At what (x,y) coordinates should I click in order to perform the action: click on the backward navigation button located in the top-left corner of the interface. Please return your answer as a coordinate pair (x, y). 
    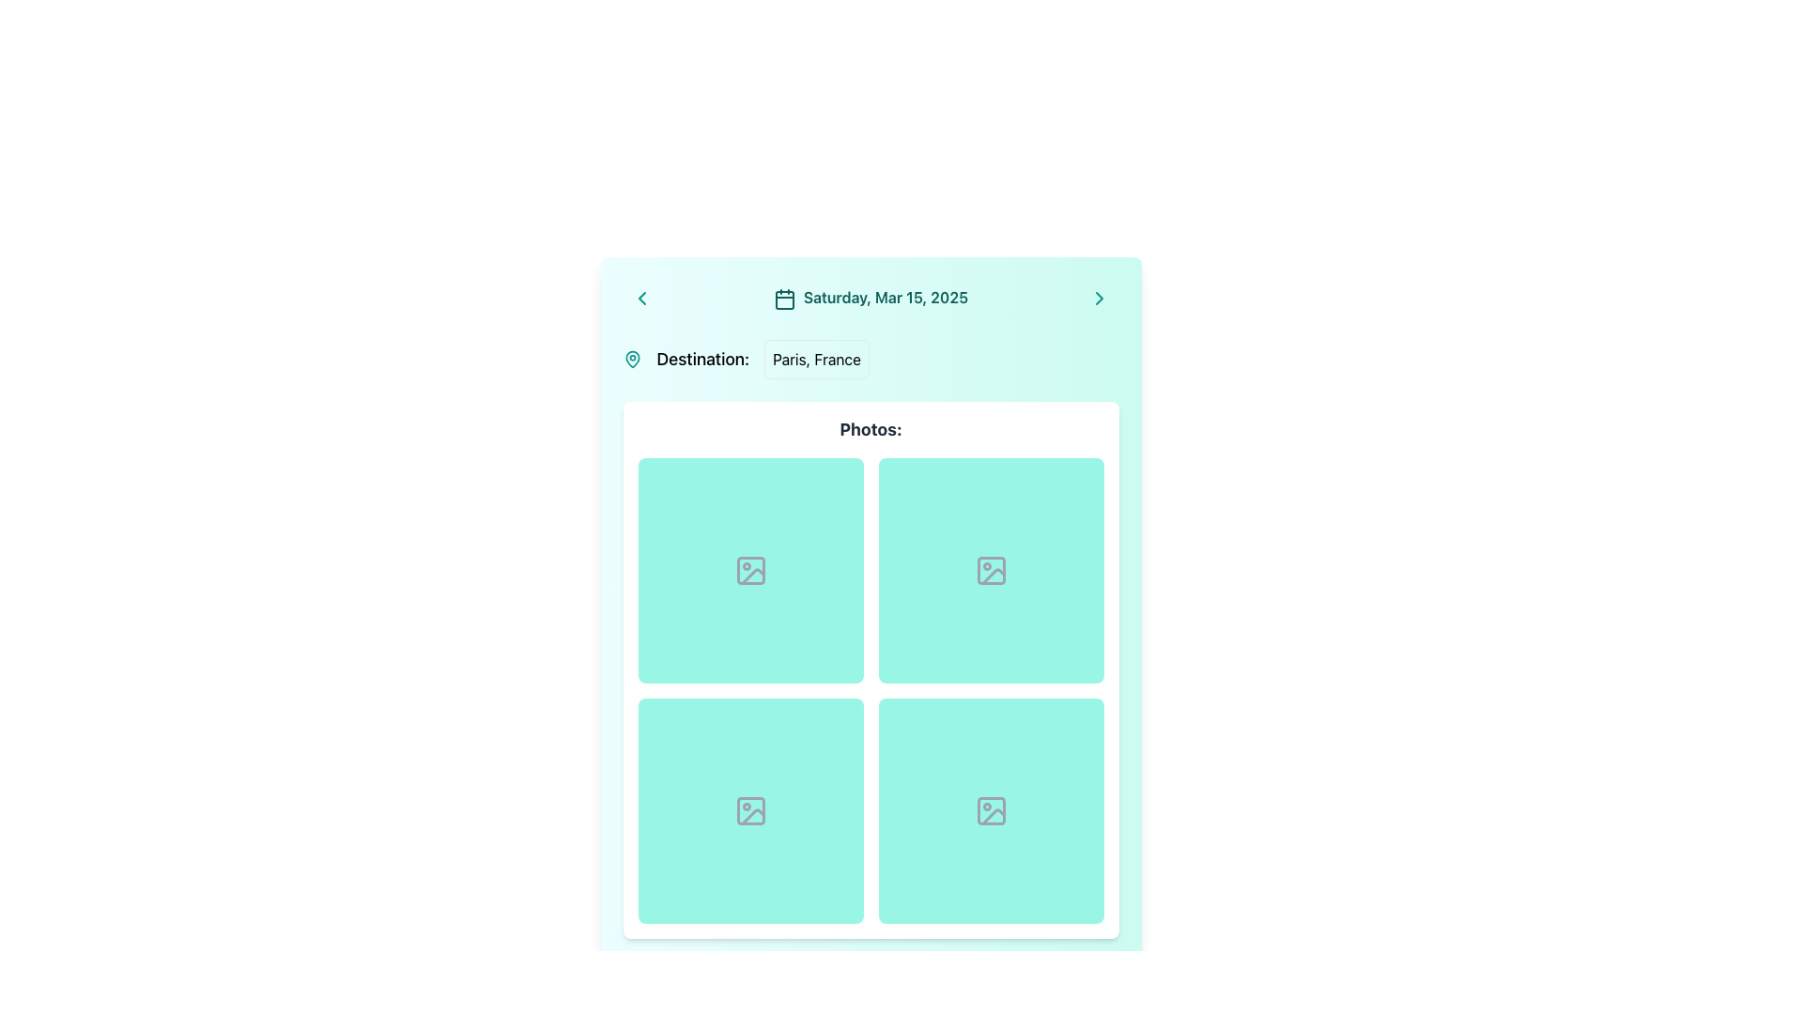
    Looking at the image, I should click on (641, 297).